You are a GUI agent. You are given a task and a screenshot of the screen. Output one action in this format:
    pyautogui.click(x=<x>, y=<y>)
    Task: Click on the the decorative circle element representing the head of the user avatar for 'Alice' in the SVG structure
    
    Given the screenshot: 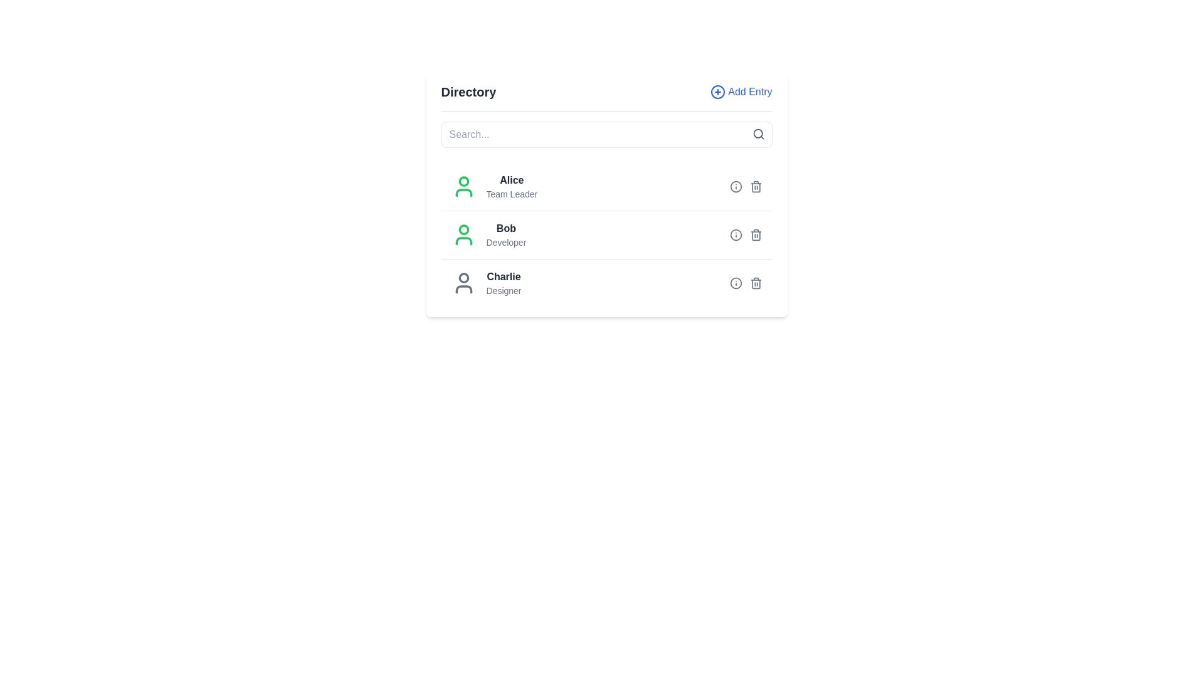 What is the action you would take?
    pyautogui.click(x=463, y=181)
    